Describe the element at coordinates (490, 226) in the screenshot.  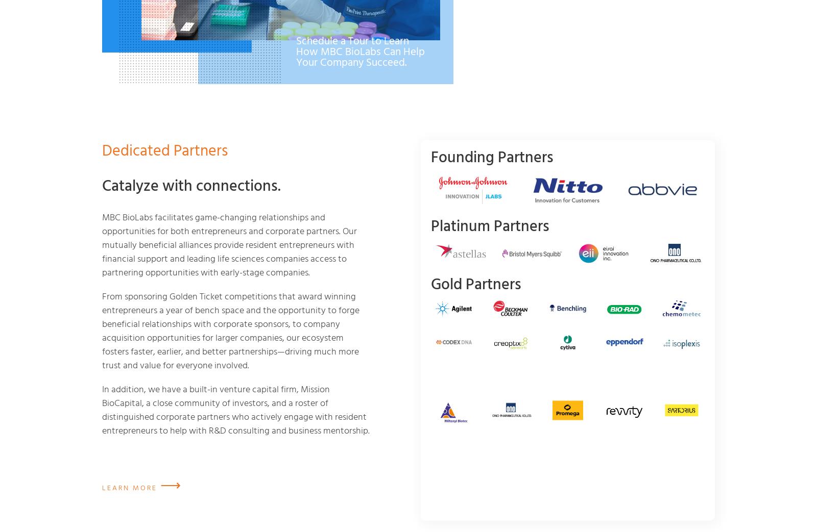
I see `'Platinum Partners'` at that location.